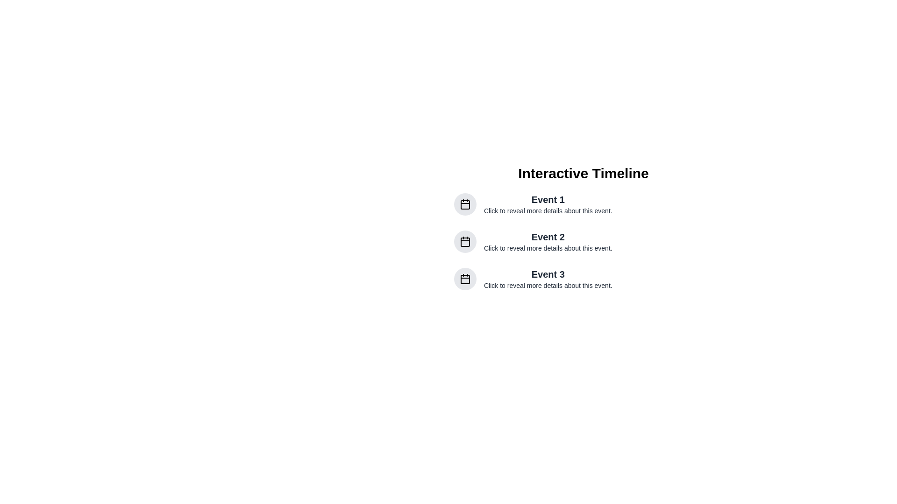 The image size is (897, 504). Describe the element at coordinates (583, 241) in the screenshot. I see `the second item in the vertical list of events, labeled 'Event 2'` at that location.